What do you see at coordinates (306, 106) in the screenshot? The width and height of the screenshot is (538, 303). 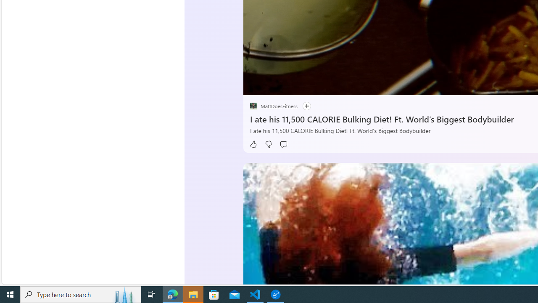 I see `'Follow'` at bounding box center [306, 106].